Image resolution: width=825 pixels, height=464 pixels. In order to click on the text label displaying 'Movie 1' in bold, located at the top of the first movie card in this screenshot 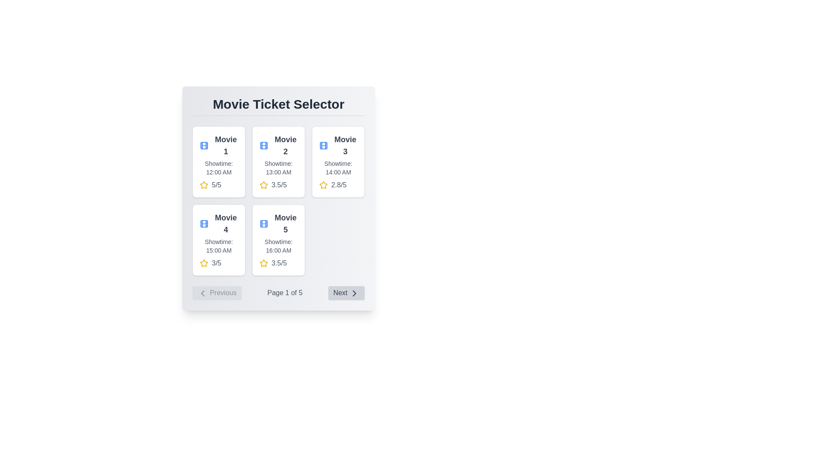, I will do `click(226, 145)`.